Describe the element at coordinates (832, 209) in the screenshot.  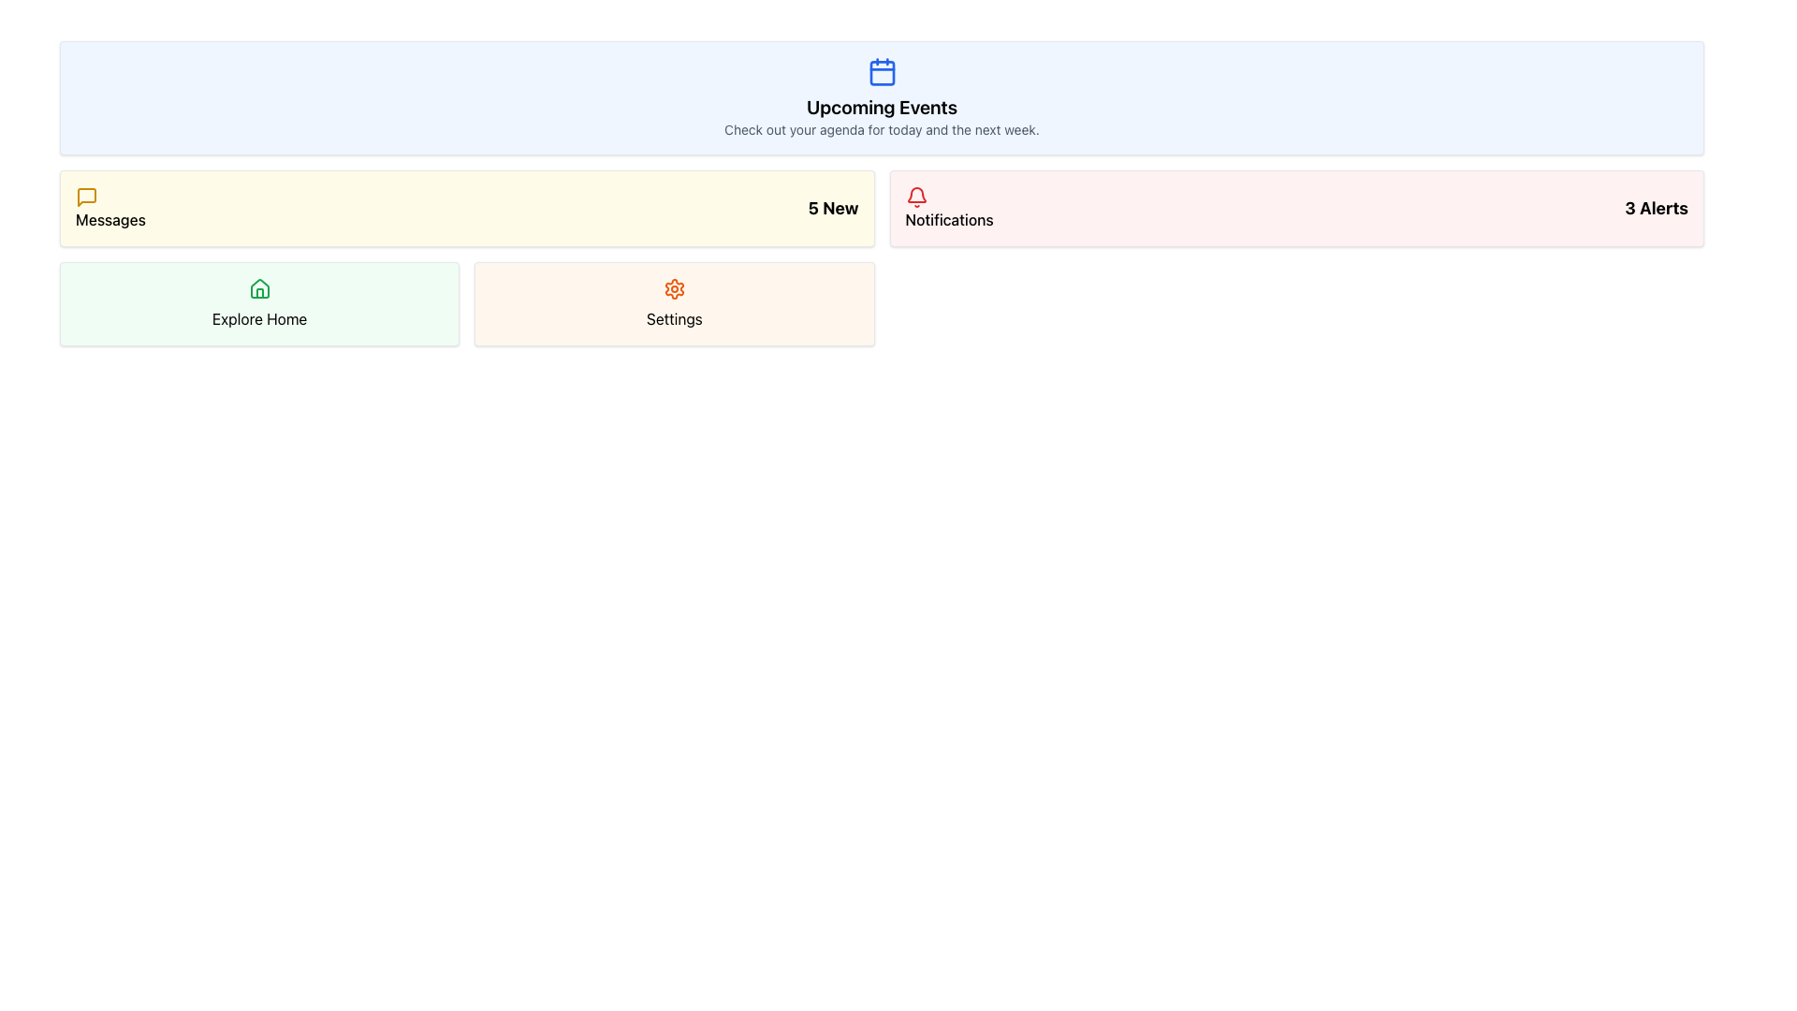
I see `text content of the element displaying '5 New' in bold font, located on the right end of the 'Messages' card with a yellow background` at that location.